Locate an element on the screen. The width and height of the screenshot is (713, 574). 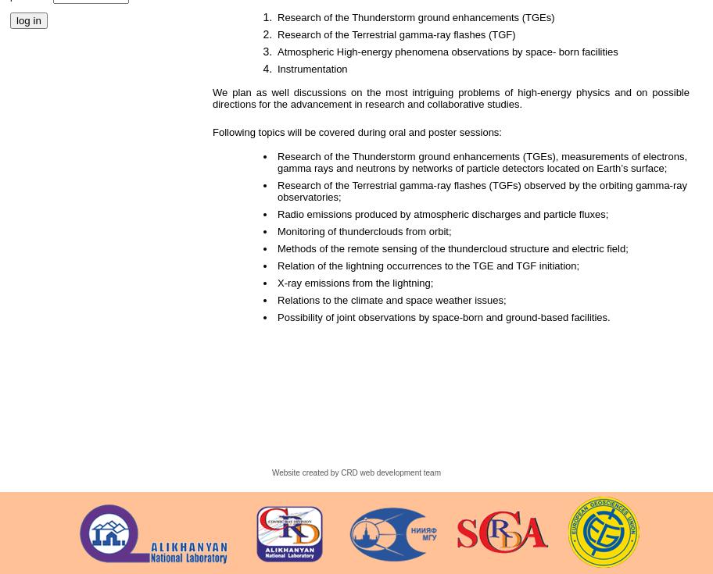
'Radio emissions produced by atmospheric discharges and particle fluxes;' is located at coordinates (449, 214).